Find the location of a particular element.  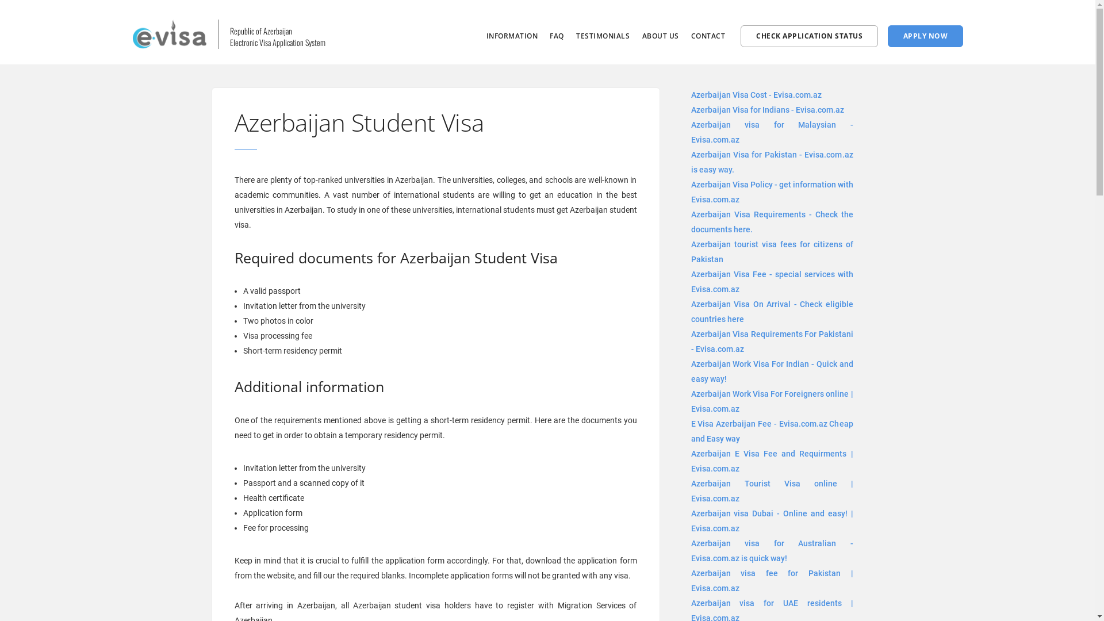

'Azerbaijan tourist visa fees for citizens of Pakistan' is located at coordinates (772, 251).